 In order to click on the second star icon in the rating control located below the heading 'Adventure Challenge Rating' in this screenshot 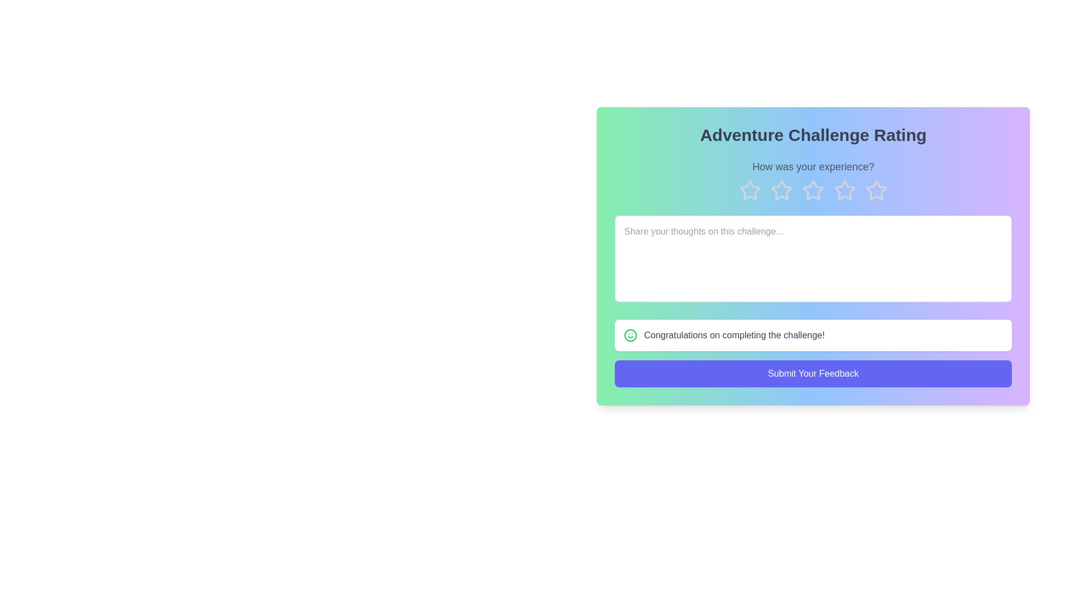, I will do `click(781, 189)`.